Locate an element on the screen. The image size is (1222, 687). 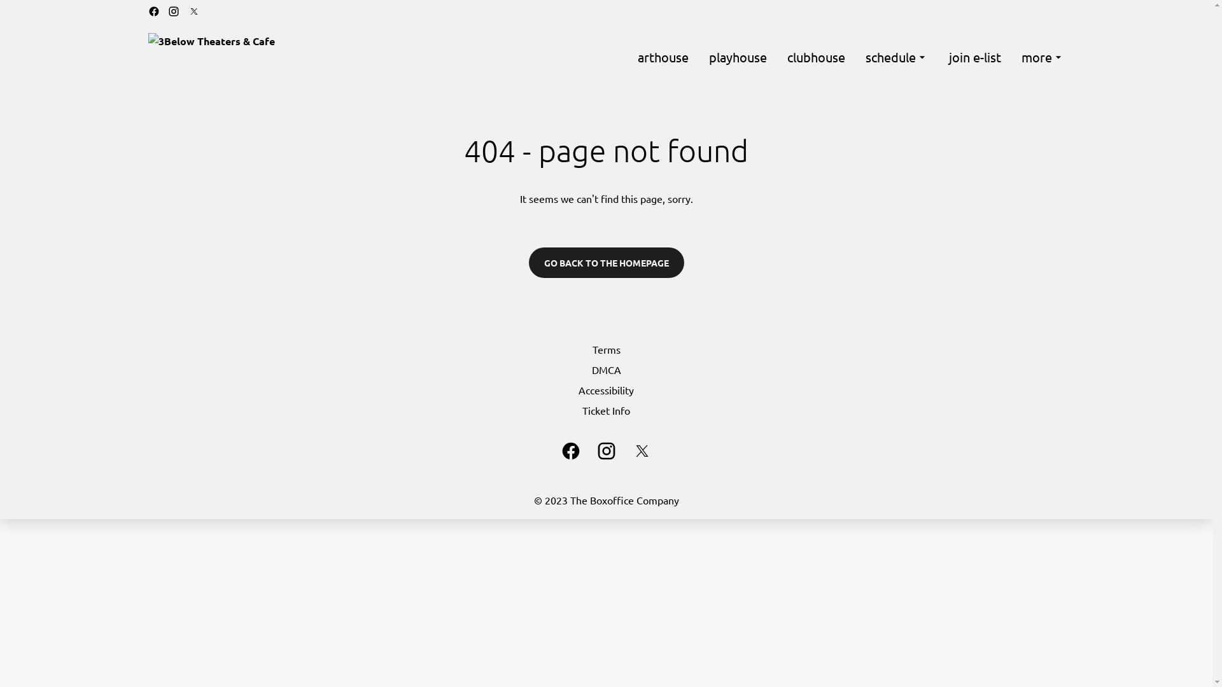
'GO BACK TO THE HOMEPAGE' is located at coordinates (605, 261).